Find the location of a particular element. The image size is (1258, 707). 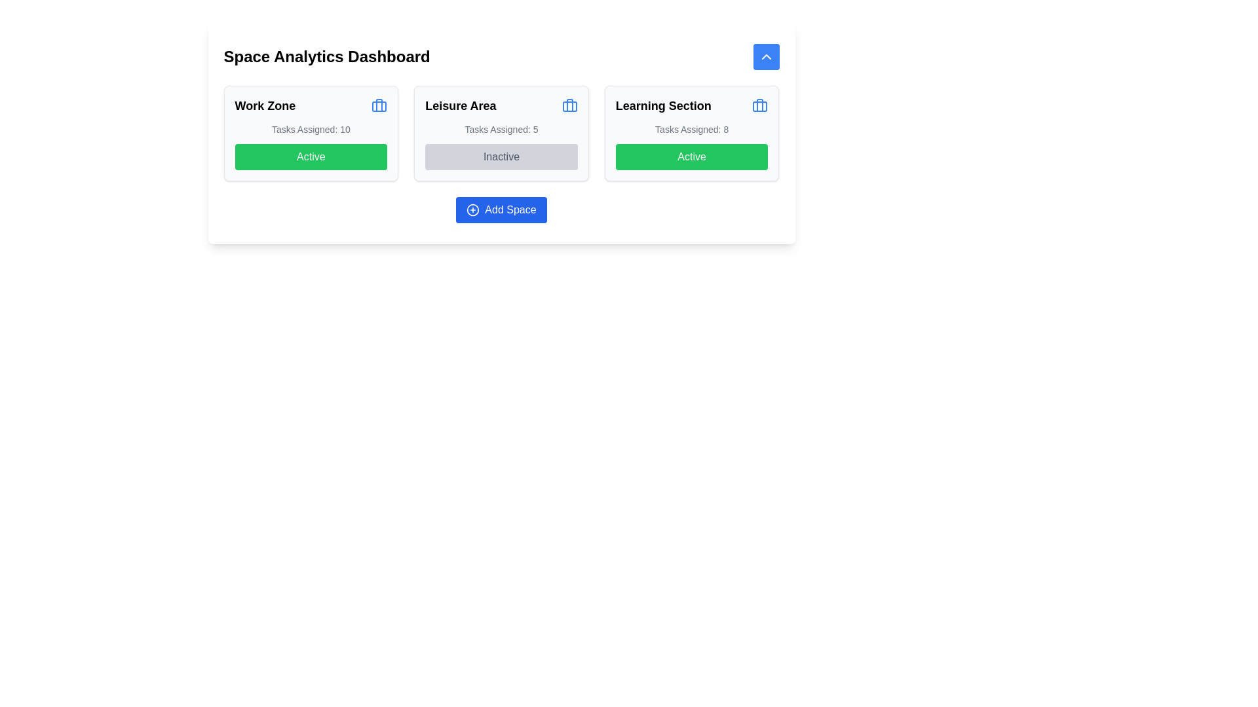

the 'Inactive' button located at the bottom section of the 'Leisure Area' card is located at coordinates (501, 156).